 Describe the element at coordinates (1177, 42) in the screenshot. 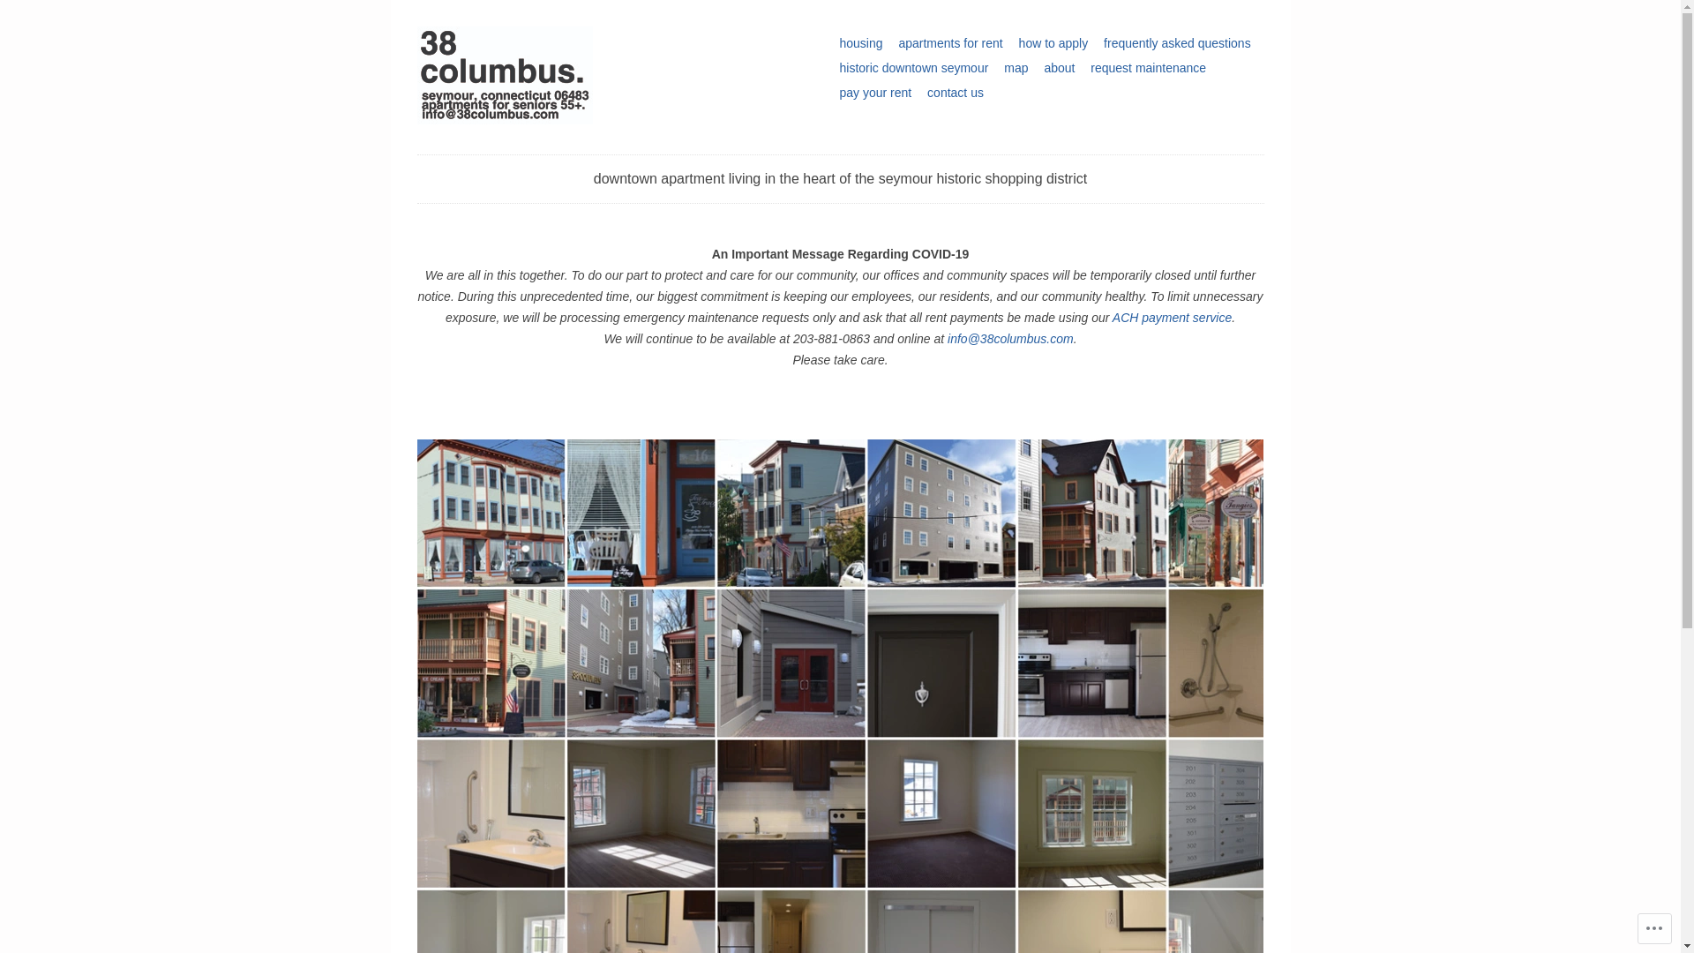

I see `'frequently asked questions'` at that location.